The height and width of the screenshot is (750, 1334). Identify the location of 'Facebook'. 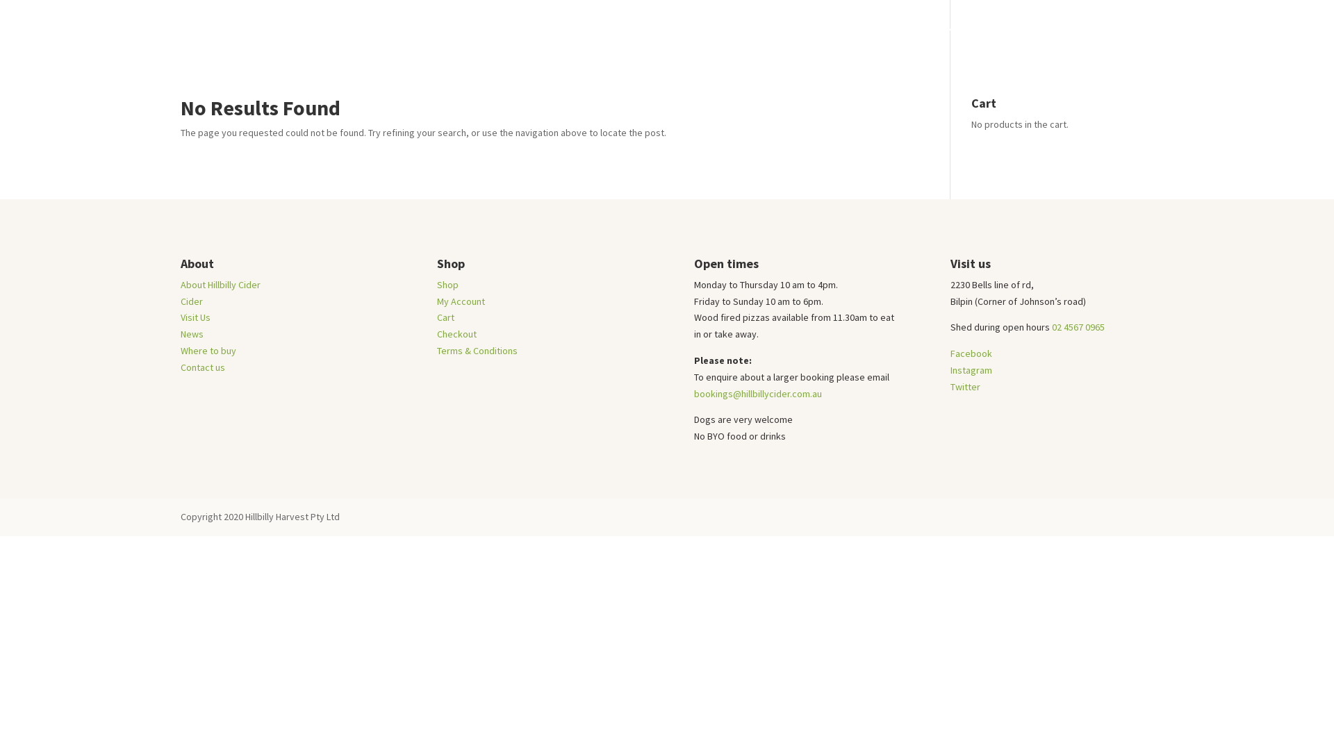
(950, 353).